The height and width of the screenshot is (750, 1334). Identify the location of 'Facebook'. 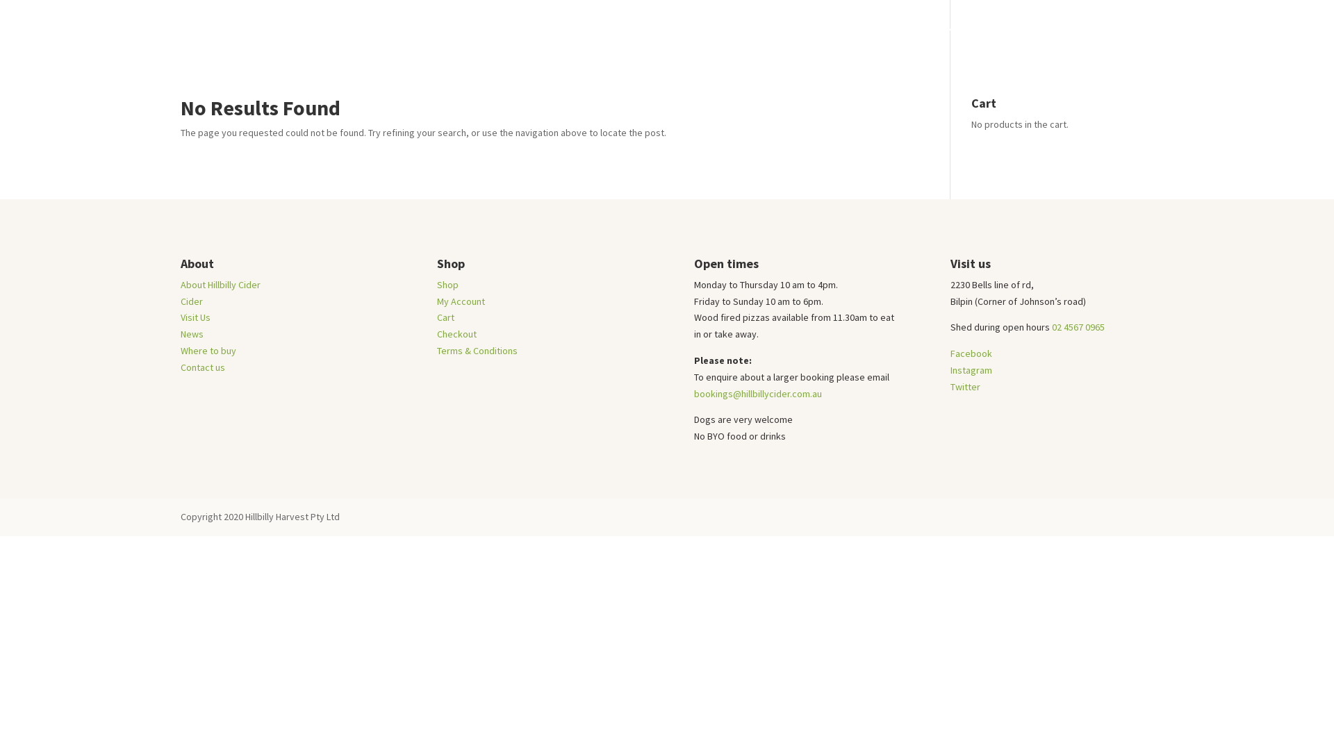
(950, 353).